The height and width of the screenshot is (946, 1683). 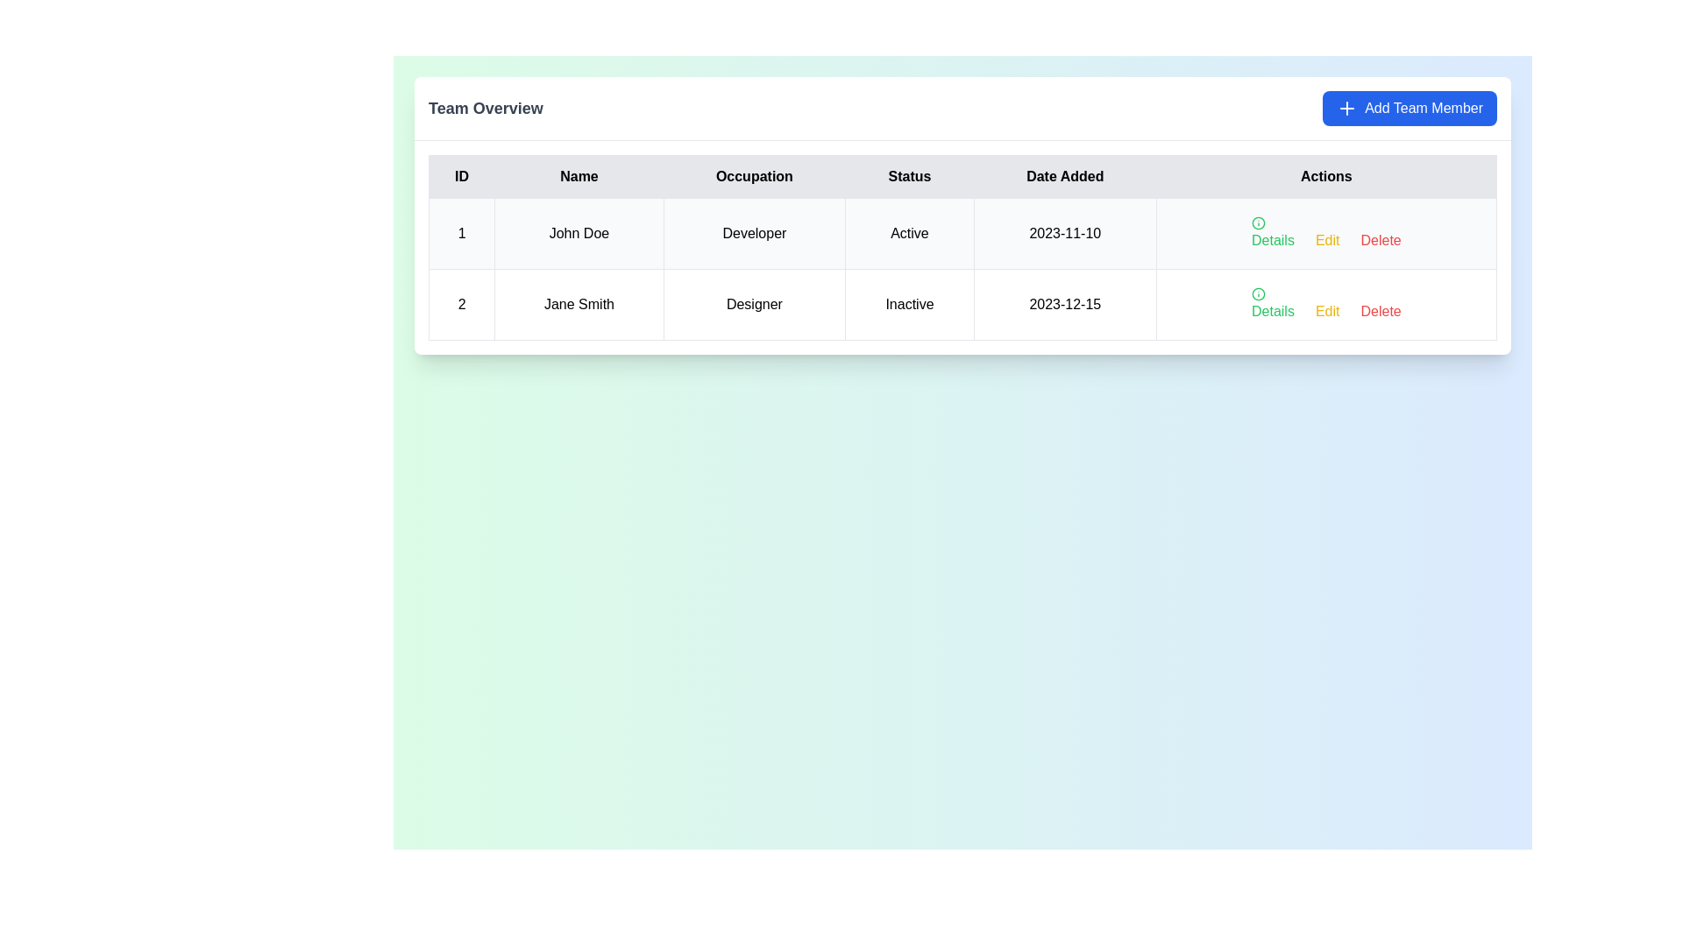 I want to click on the 'Delete' button, which is a red text label that changes color to darker red when hovered, located in the Actions column of the second row of the table, so click(x=1380, y=240).